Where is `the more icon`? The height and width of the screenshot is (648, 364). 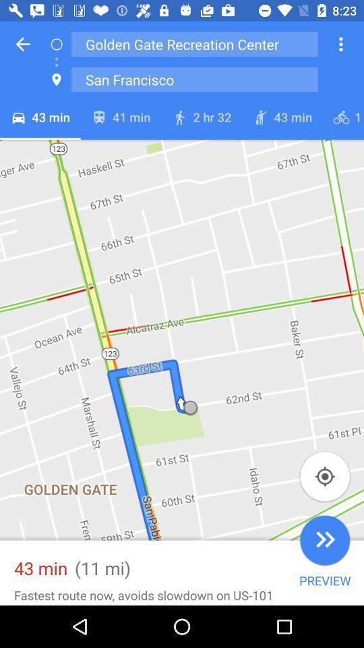 the more icon is located at coordinates (340, 44).